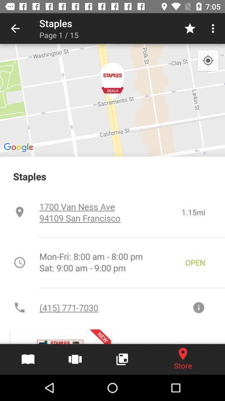  What do you see at coordinates (198, 307) in the screenshot?
I see `information` at bounding box center [198, 307].